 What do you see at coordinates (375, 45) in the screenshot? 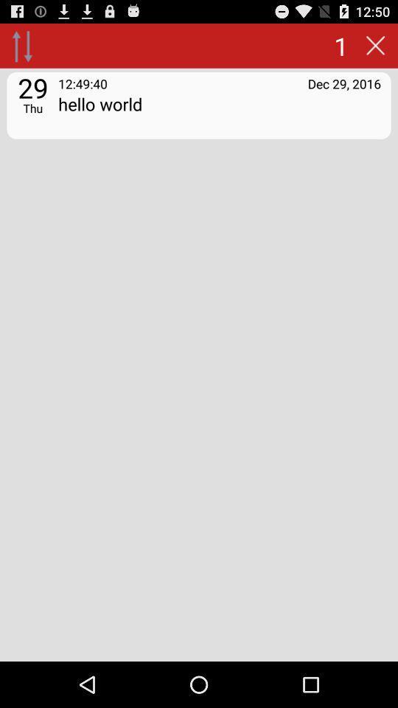
I see `the icon above dec 29, 2016 item` at bounding box center [375, 45].